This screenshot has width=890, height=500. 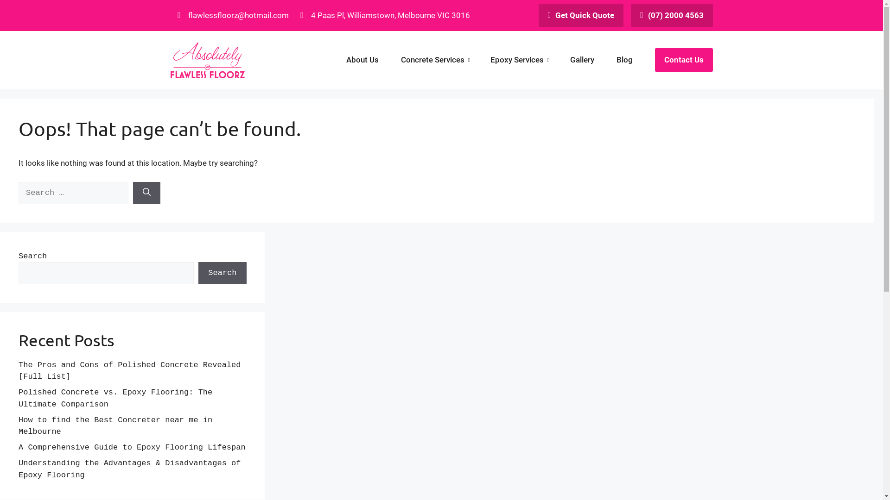 What do you see at coordinates (630, 15) in the screenshot?
I see `'(07) 2000 4563'` at bounding box center [630, 15].